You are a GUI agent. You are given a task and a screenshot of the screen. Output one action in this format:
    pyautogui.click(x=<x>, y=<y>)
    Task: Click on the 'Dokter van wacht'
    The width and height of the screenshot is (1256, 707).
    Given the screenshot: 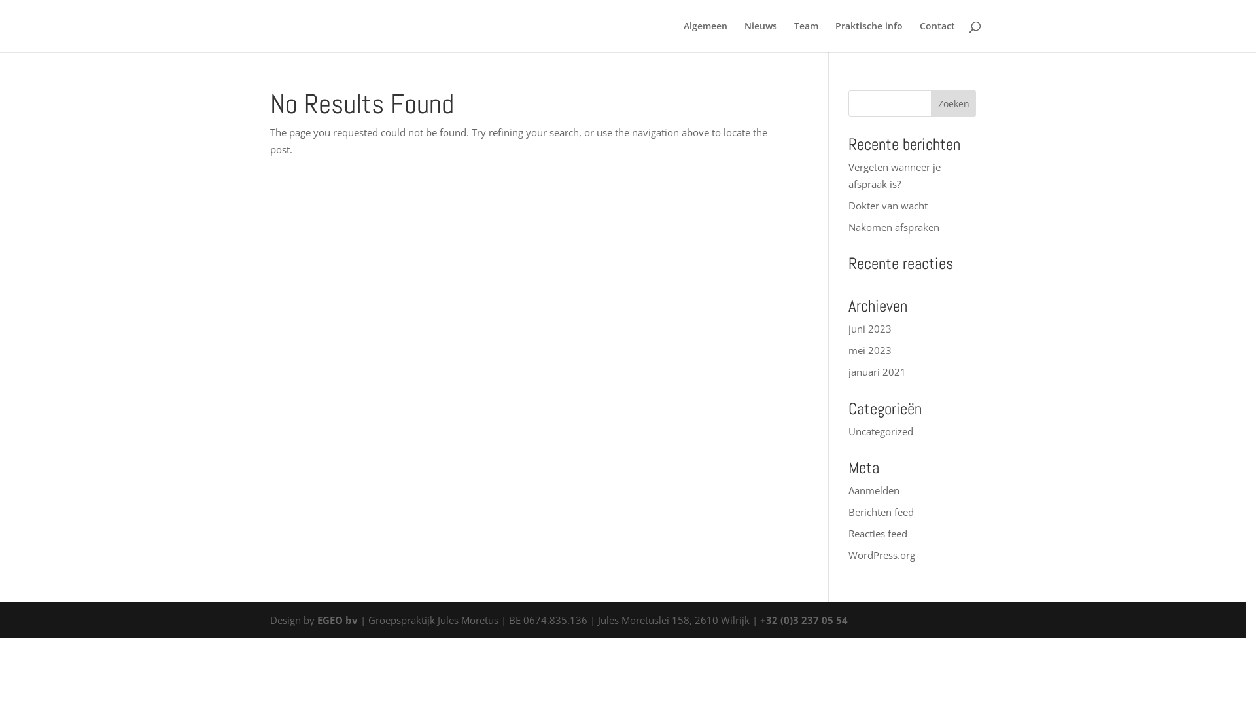 What is the action you would take?
    pyautogui.click(x=888, y=205)
    